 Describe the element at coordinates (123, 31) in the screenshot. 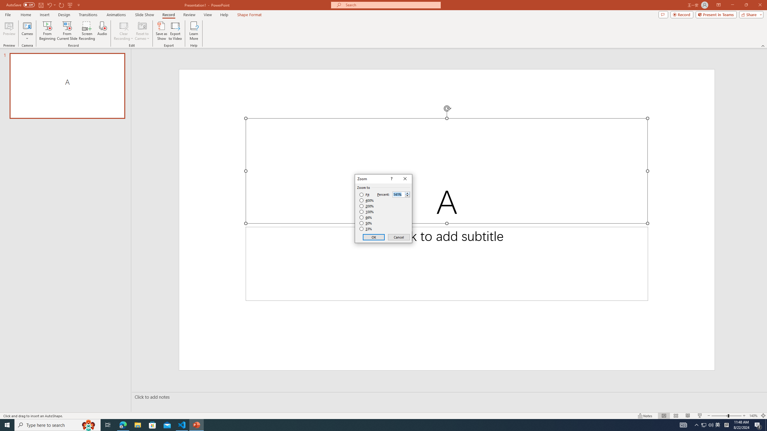

I see `'Clear Recording'` at that location.